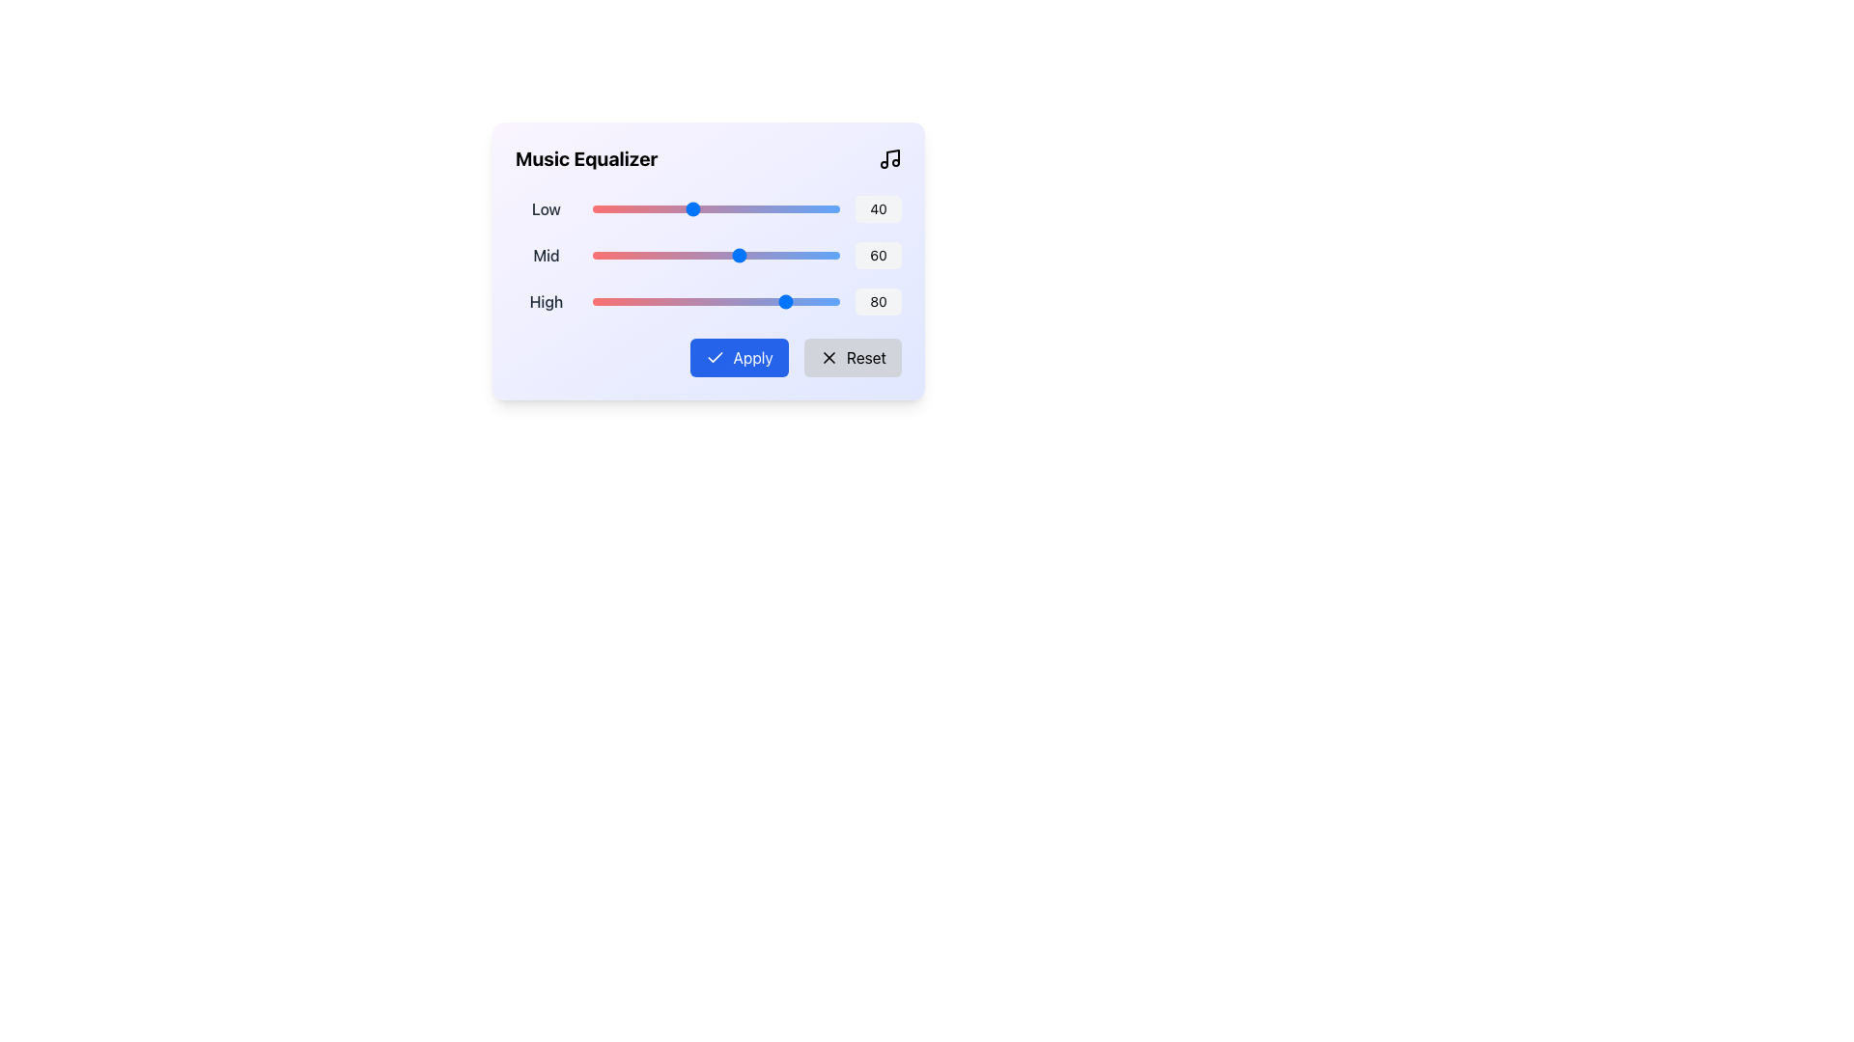 The width and height of the screenshot is (1854, 1042). Describe the element at coordinates (652, 255) in the screenshot. I see `the 'Mid' equalizer slider` at that location.